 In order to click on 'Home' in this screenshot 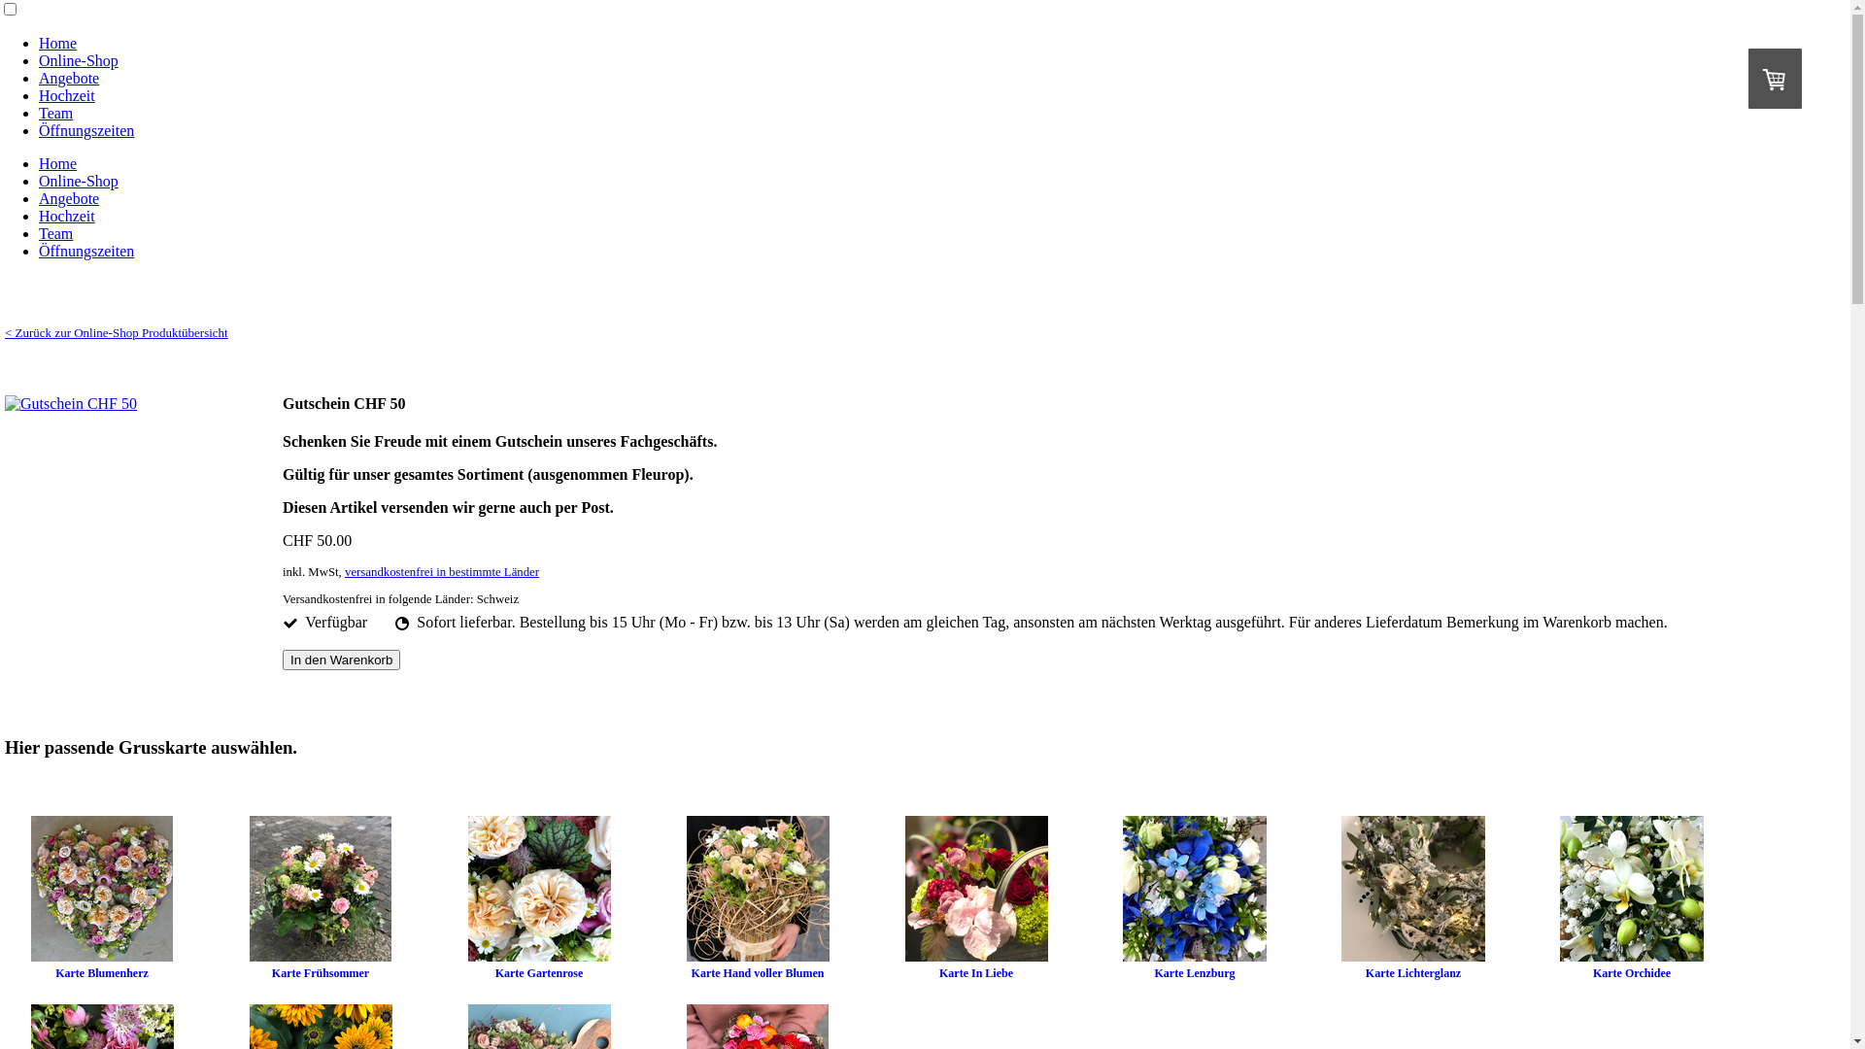, I will do `click(57, 162)`.